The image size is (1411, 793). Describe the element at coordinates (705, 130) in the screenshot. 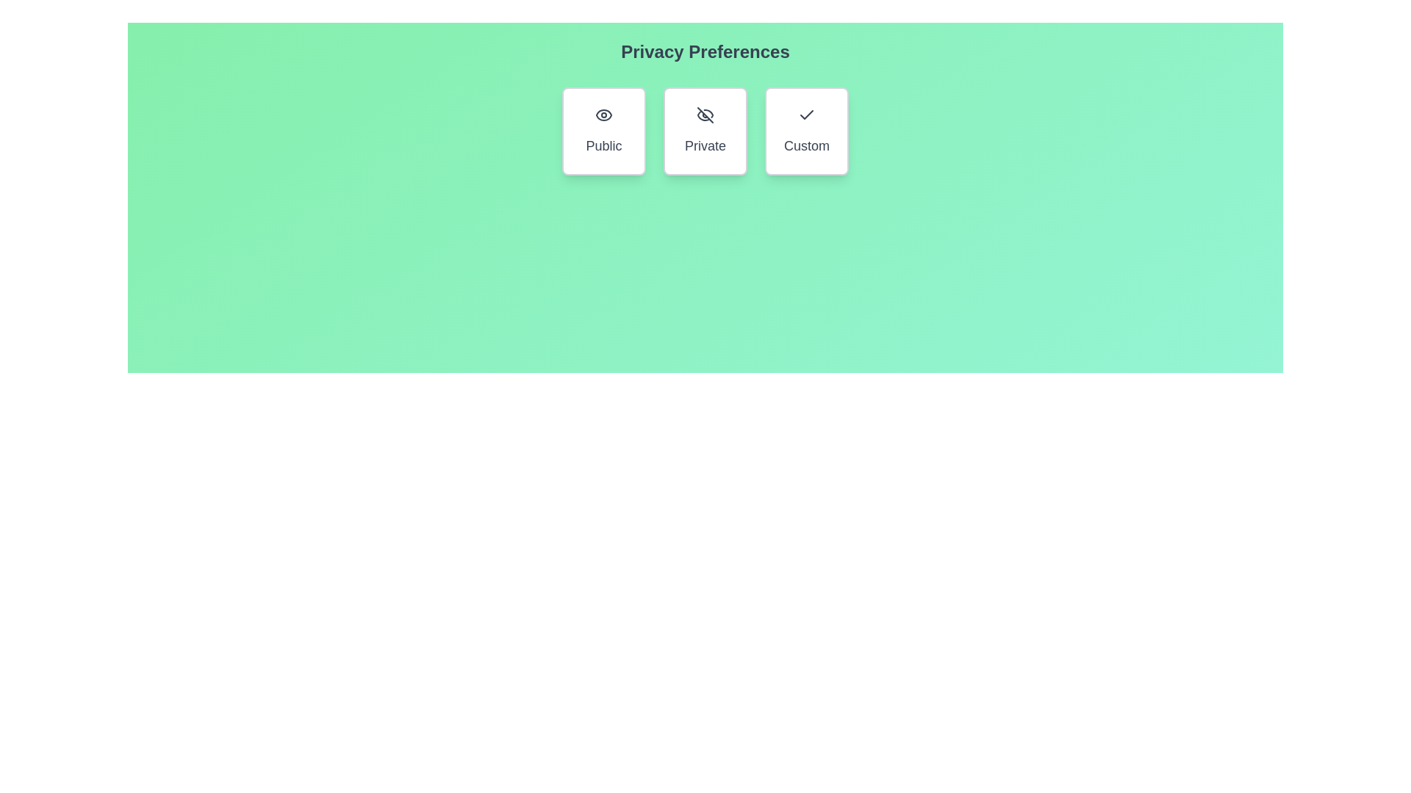

I see `the 'Private' button to toggle the 'Private' privacy option` at that location.